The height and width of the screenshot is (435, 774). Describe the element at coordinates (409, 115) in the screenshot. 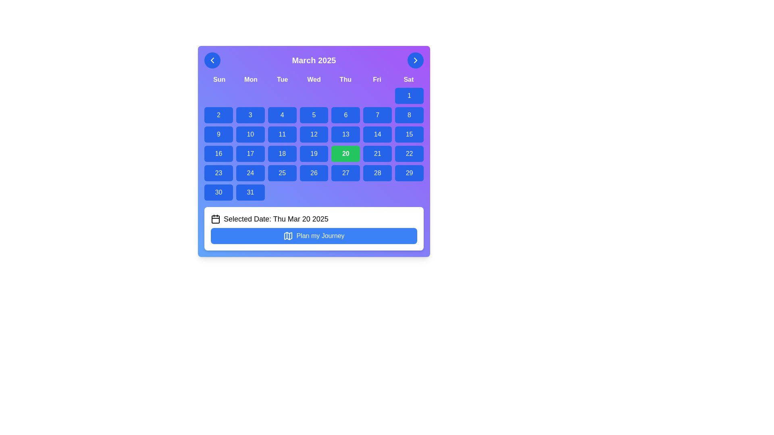

I see `the button representing the calendar date '8'` at that location.